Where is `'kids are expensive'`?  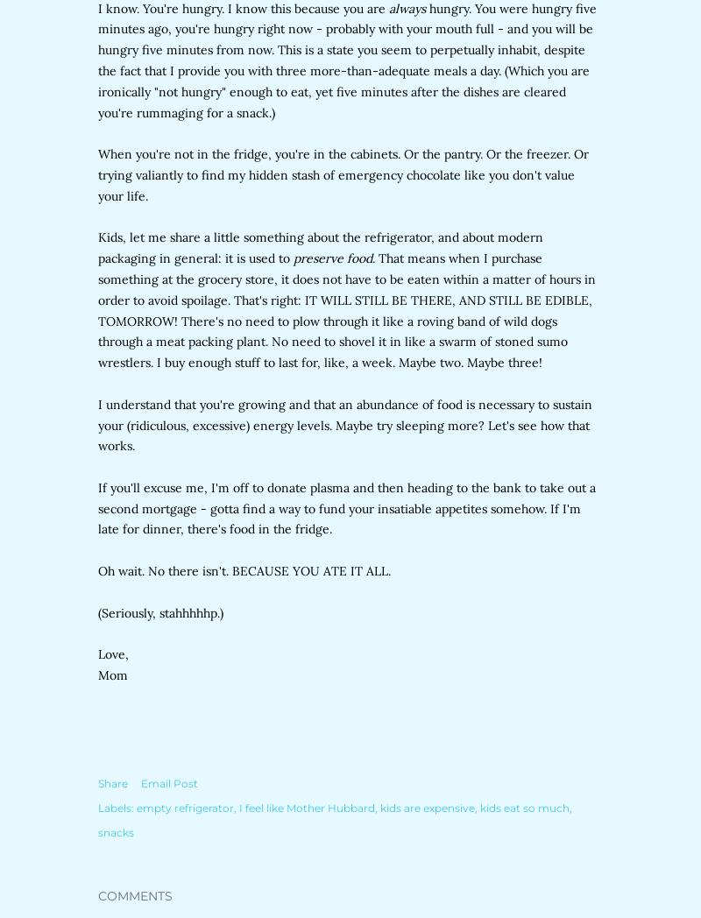
'kids are expensive' is located at coordinates (379, 808).